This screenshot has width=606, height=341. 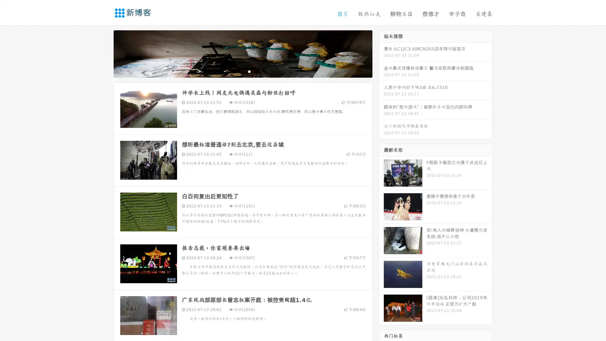 I want to click on Go to slide 2, so click(x=242, y=71).